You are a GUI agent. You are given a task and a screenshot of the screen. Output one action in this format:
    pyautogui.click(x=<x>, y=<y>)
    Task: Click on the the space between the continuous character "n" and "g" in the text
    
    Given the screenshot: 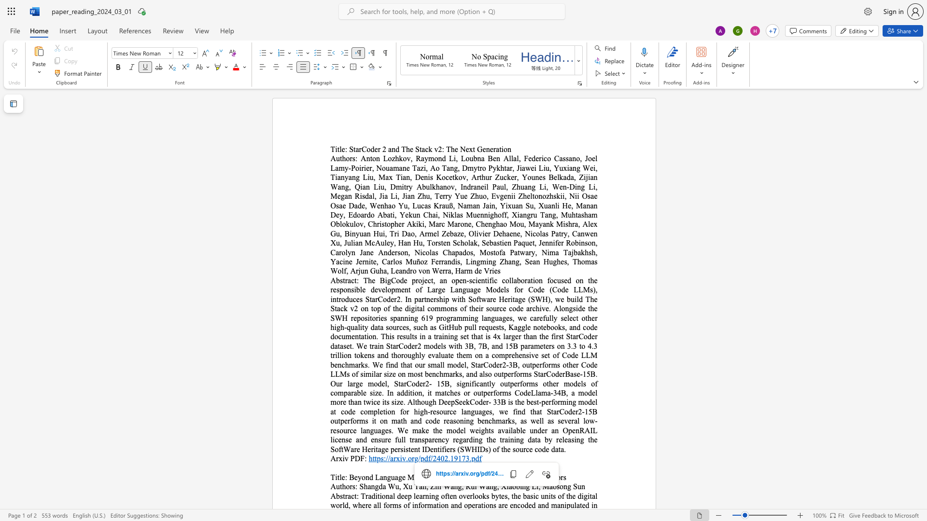 What is the action you would take?
    pyautogui.click(x=525, y=486)
    